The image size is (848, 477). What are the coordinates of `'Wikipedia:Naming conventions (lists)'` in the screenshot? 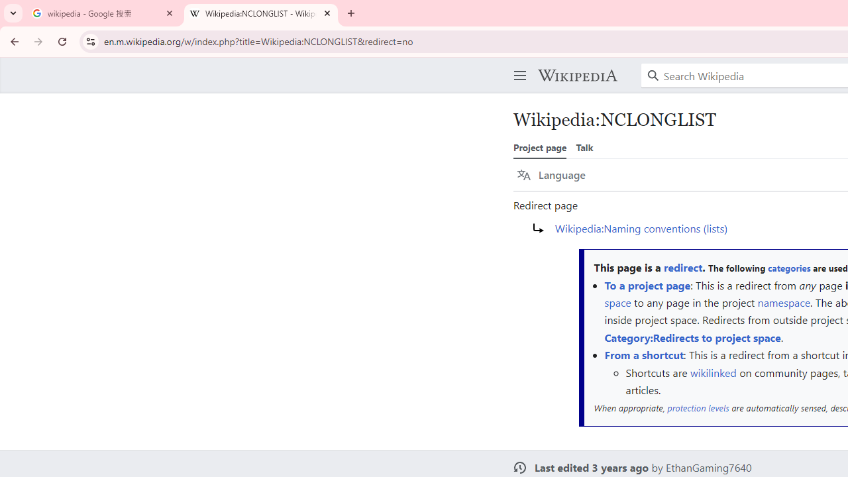 It's located at (641, 227).